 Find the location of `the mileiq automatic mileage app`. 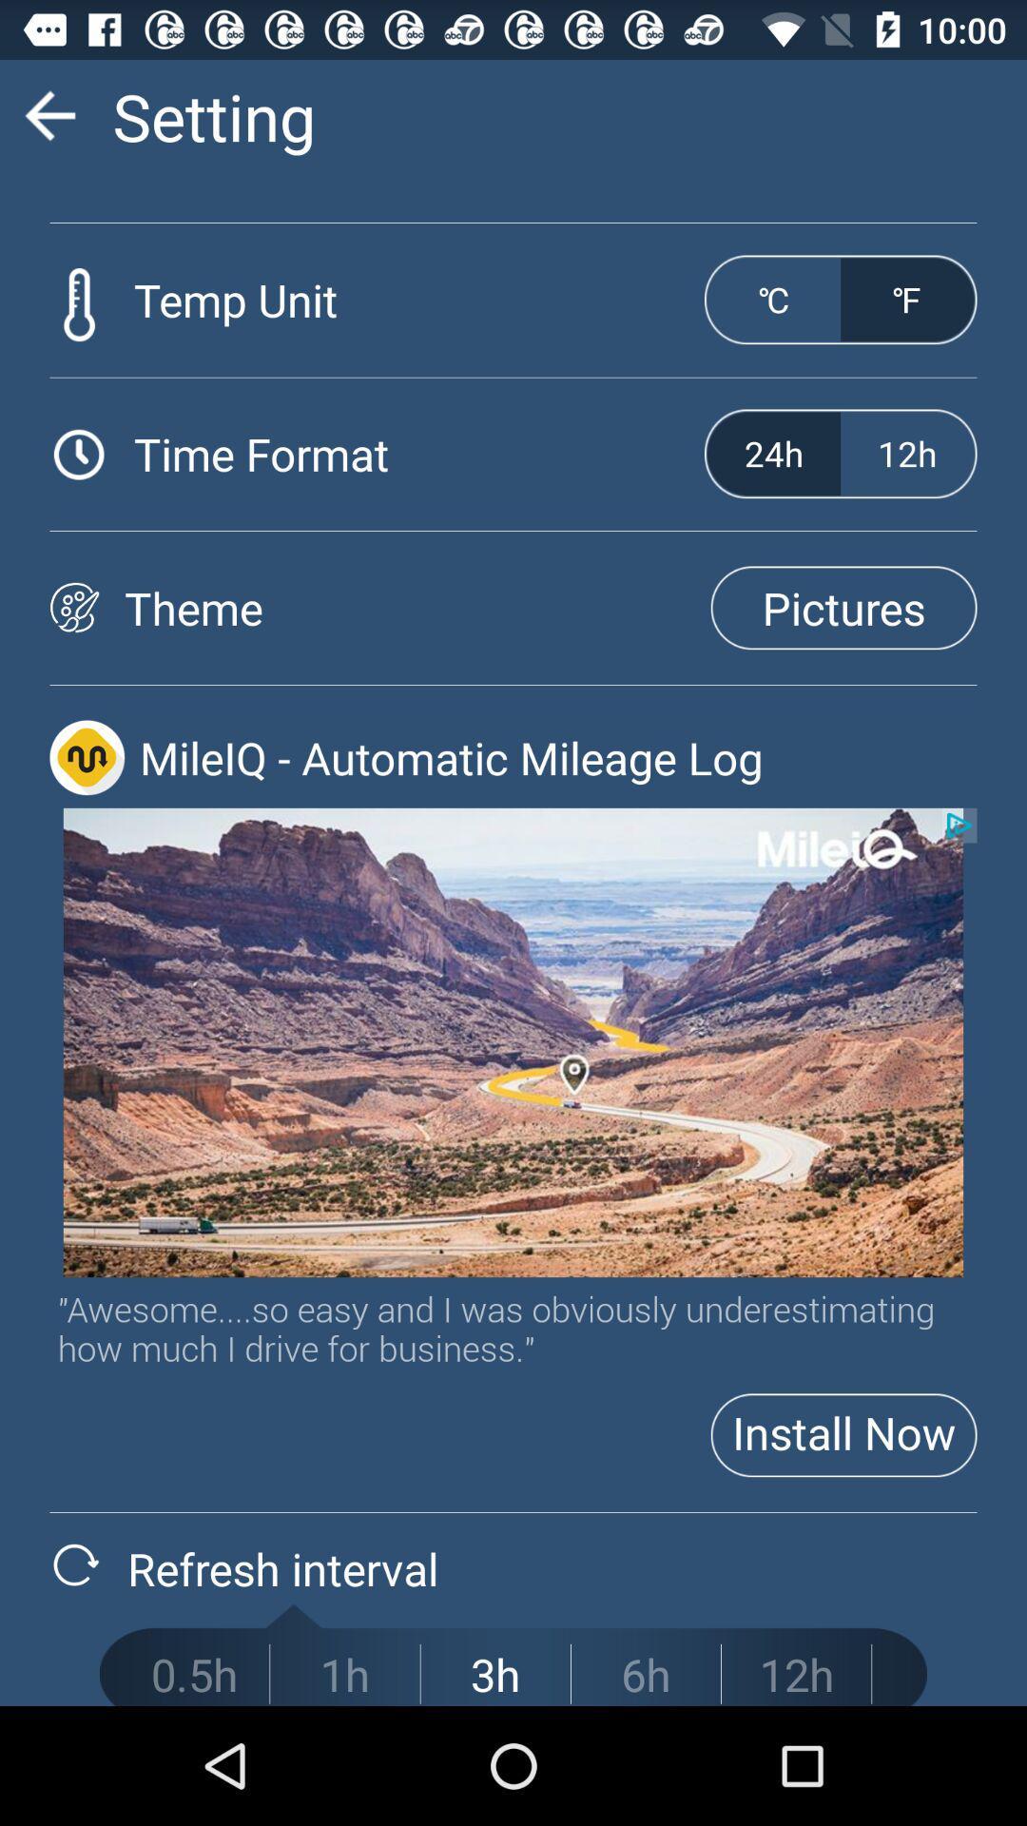

the mileiq automatic mileage app is located at coordinates (557, 756).